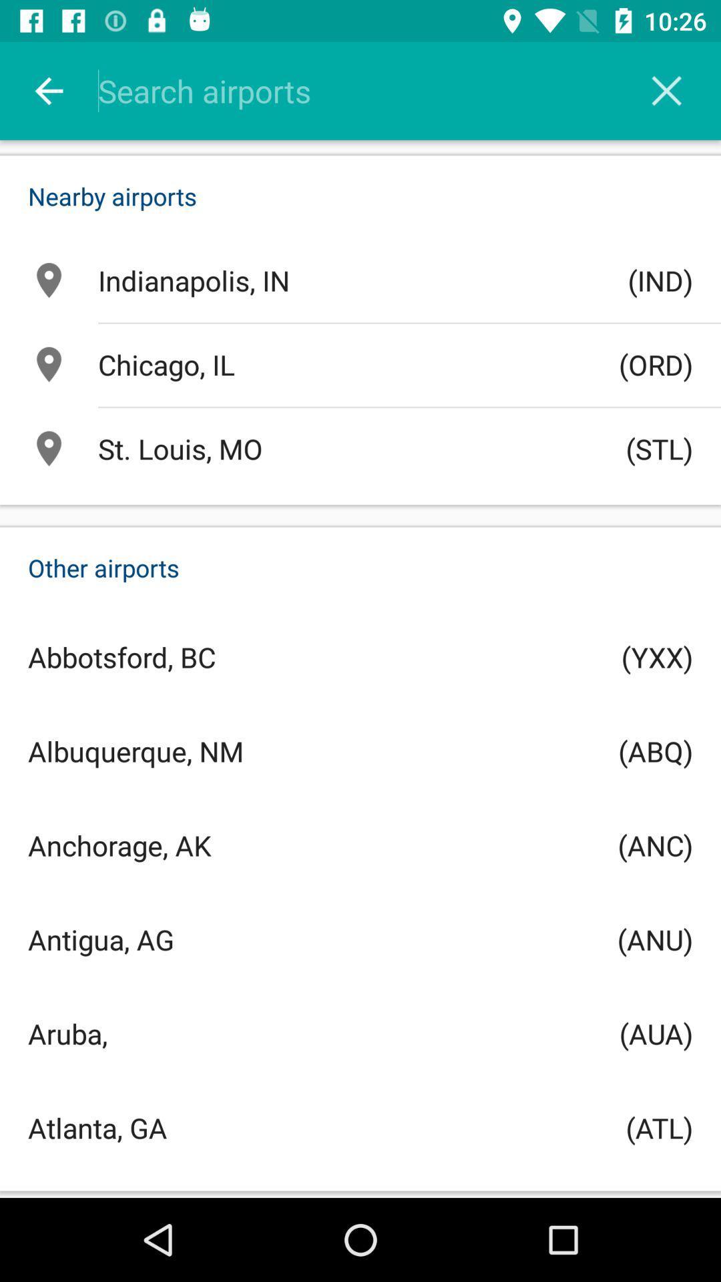 This screenshot has width=721, height=1282. I want to click on search text, so click(378, 90).